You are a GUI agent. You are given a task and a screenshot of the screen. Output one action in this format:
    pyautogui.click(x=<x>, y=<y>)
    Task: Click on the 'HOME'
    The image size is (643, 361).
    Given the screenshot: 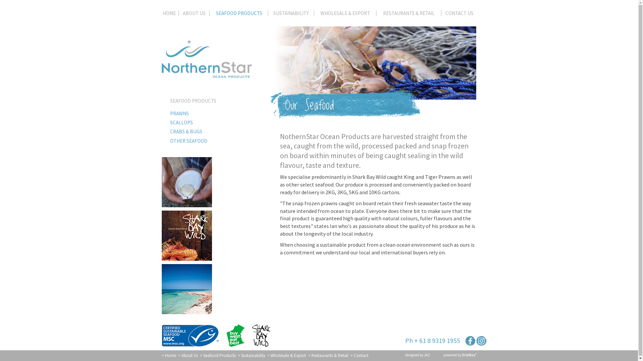 What is the action you would take?
    pyautogui.click(x=170, y=15)
    